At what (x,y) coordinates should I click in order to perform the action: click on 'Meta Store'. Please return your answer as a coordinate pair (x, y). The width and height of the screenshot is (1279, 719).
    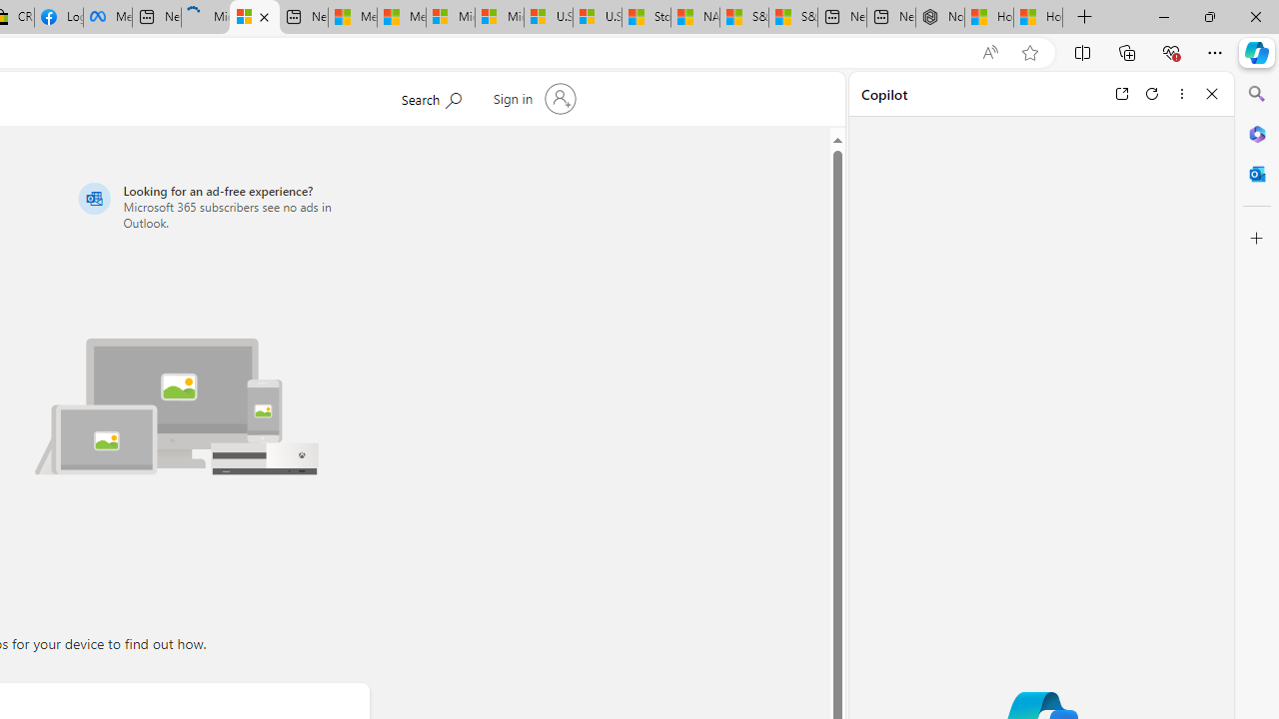
    Looking at the image, I should click on (107, 17).